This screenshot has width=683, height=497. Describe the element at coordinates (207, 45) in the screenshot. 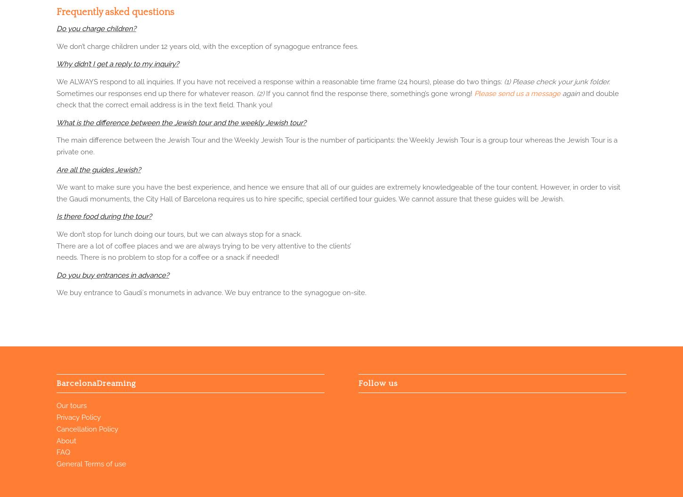

I see `'We don’t charge children under 12 years old, with the exception of synagogue entrance fees.'` at that location.